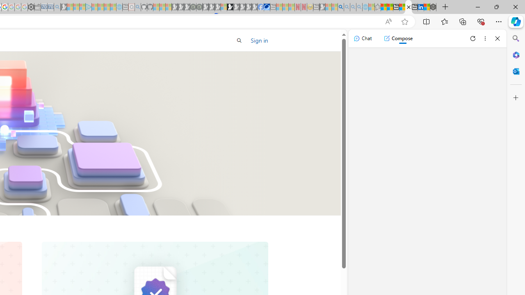  I want to click on 'AQI & Health | AirNow.gov', so click(267, 7).